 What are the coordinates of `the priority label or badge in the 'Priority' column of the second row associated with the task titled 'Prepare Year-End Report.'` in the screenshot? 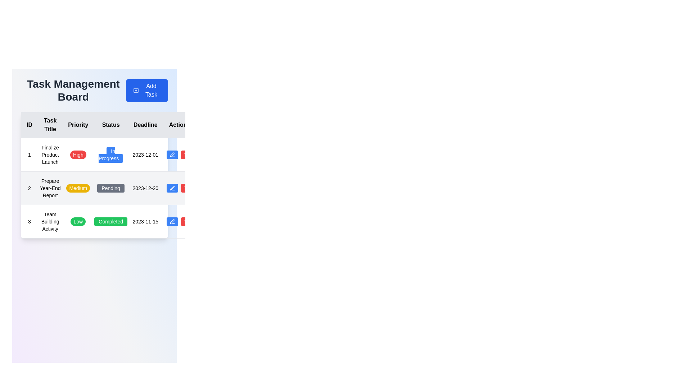 It's located at (78, 188).